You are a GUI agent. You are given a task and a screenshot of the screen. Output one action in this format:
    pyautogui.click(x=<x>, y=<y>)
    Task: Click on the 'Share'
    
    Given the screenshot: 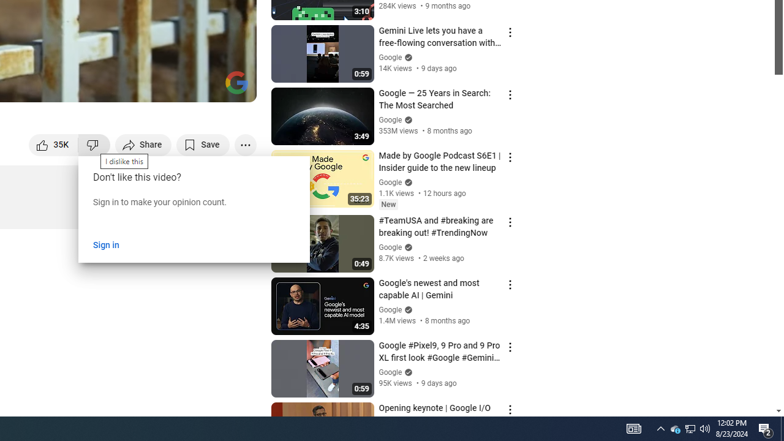 What is the action you would take?
    pyautogui.click(x=143, y=144)
    